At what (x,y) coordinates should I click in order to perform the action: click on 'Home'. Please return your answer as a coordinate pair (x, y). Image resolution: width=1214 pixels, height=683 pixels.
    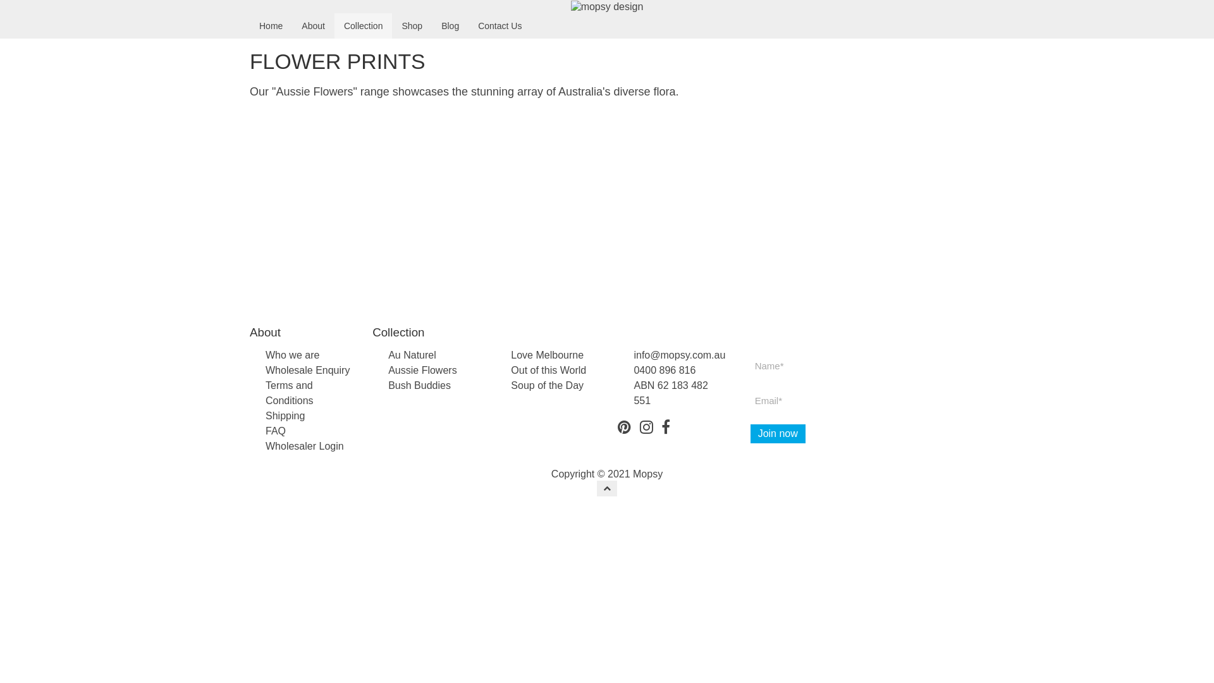
    Looking at the image, I should click on (270, 26).